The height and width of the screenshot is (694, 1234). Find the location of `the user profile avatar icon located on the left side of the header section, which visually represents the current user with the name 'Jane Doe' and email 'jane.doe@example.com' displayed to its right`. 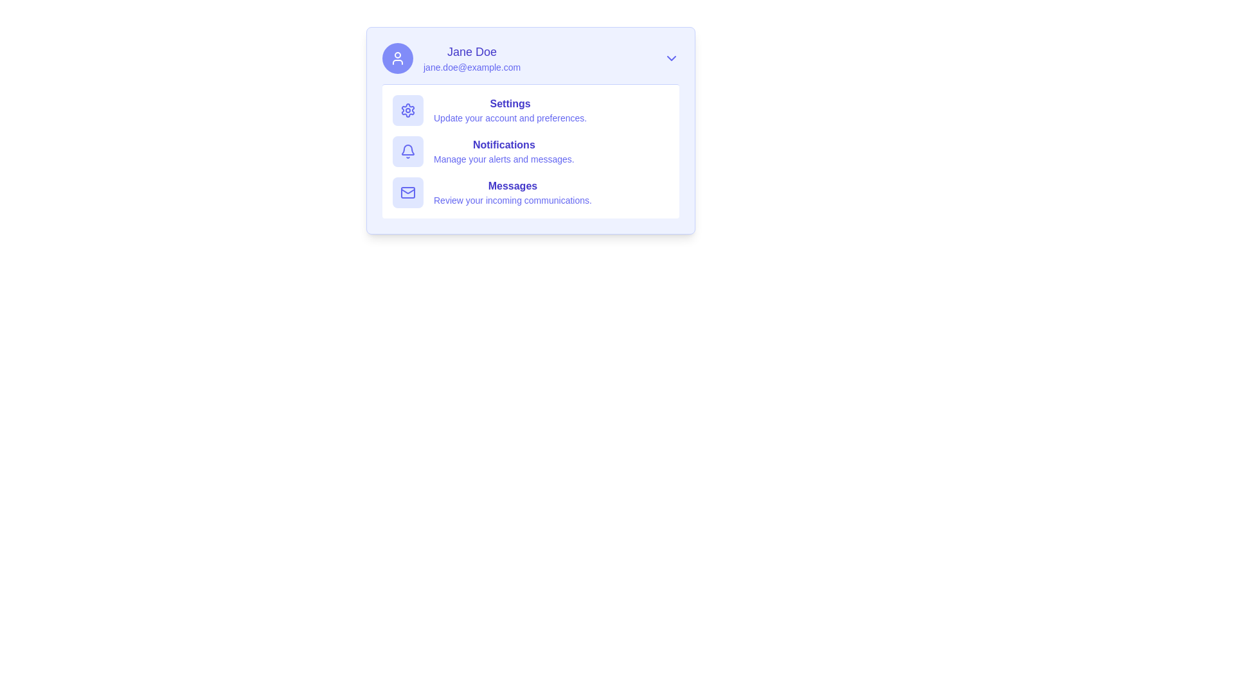

the user profile avatar icon located on the left side of the header section, which visually represents the current user with the name 'Jane Doe' and email 'jane.doe@example.com' displayed to its right is located at coordinates (397, 58).